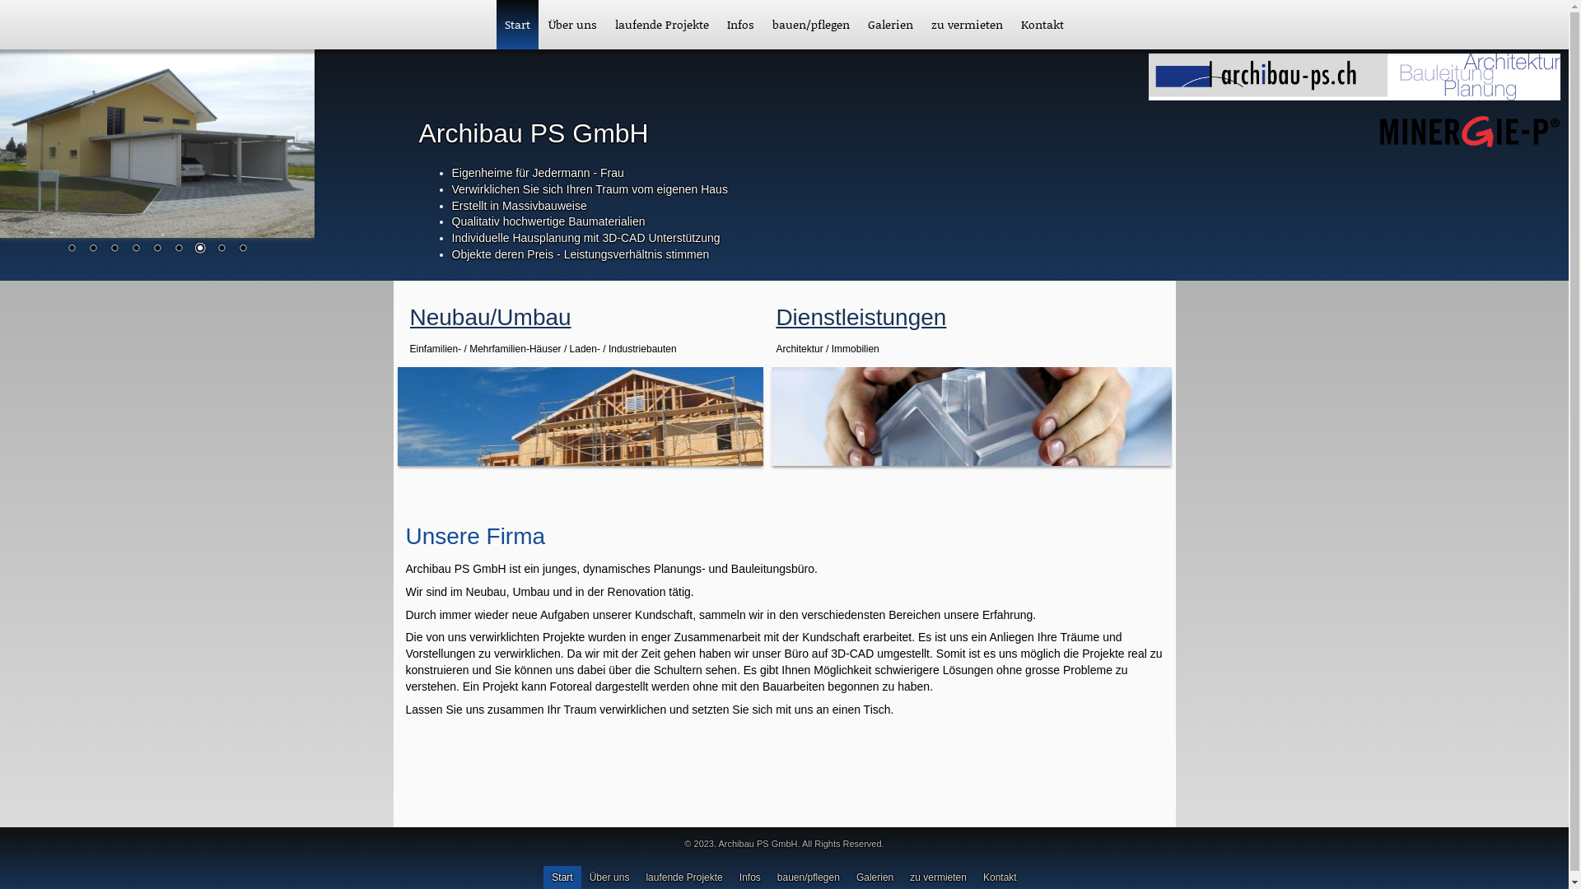 The width and height of the screenshot is (1581, 889). Describe the element at coordinates (858, 25) in the screenshot. I see `'Galerien'` at that location.